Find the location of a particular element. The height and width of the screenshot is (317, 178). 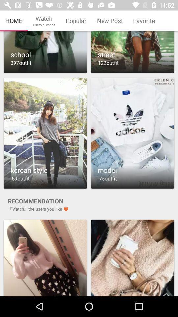

click on school 397 outfit option is located at coordinates (45, 52).